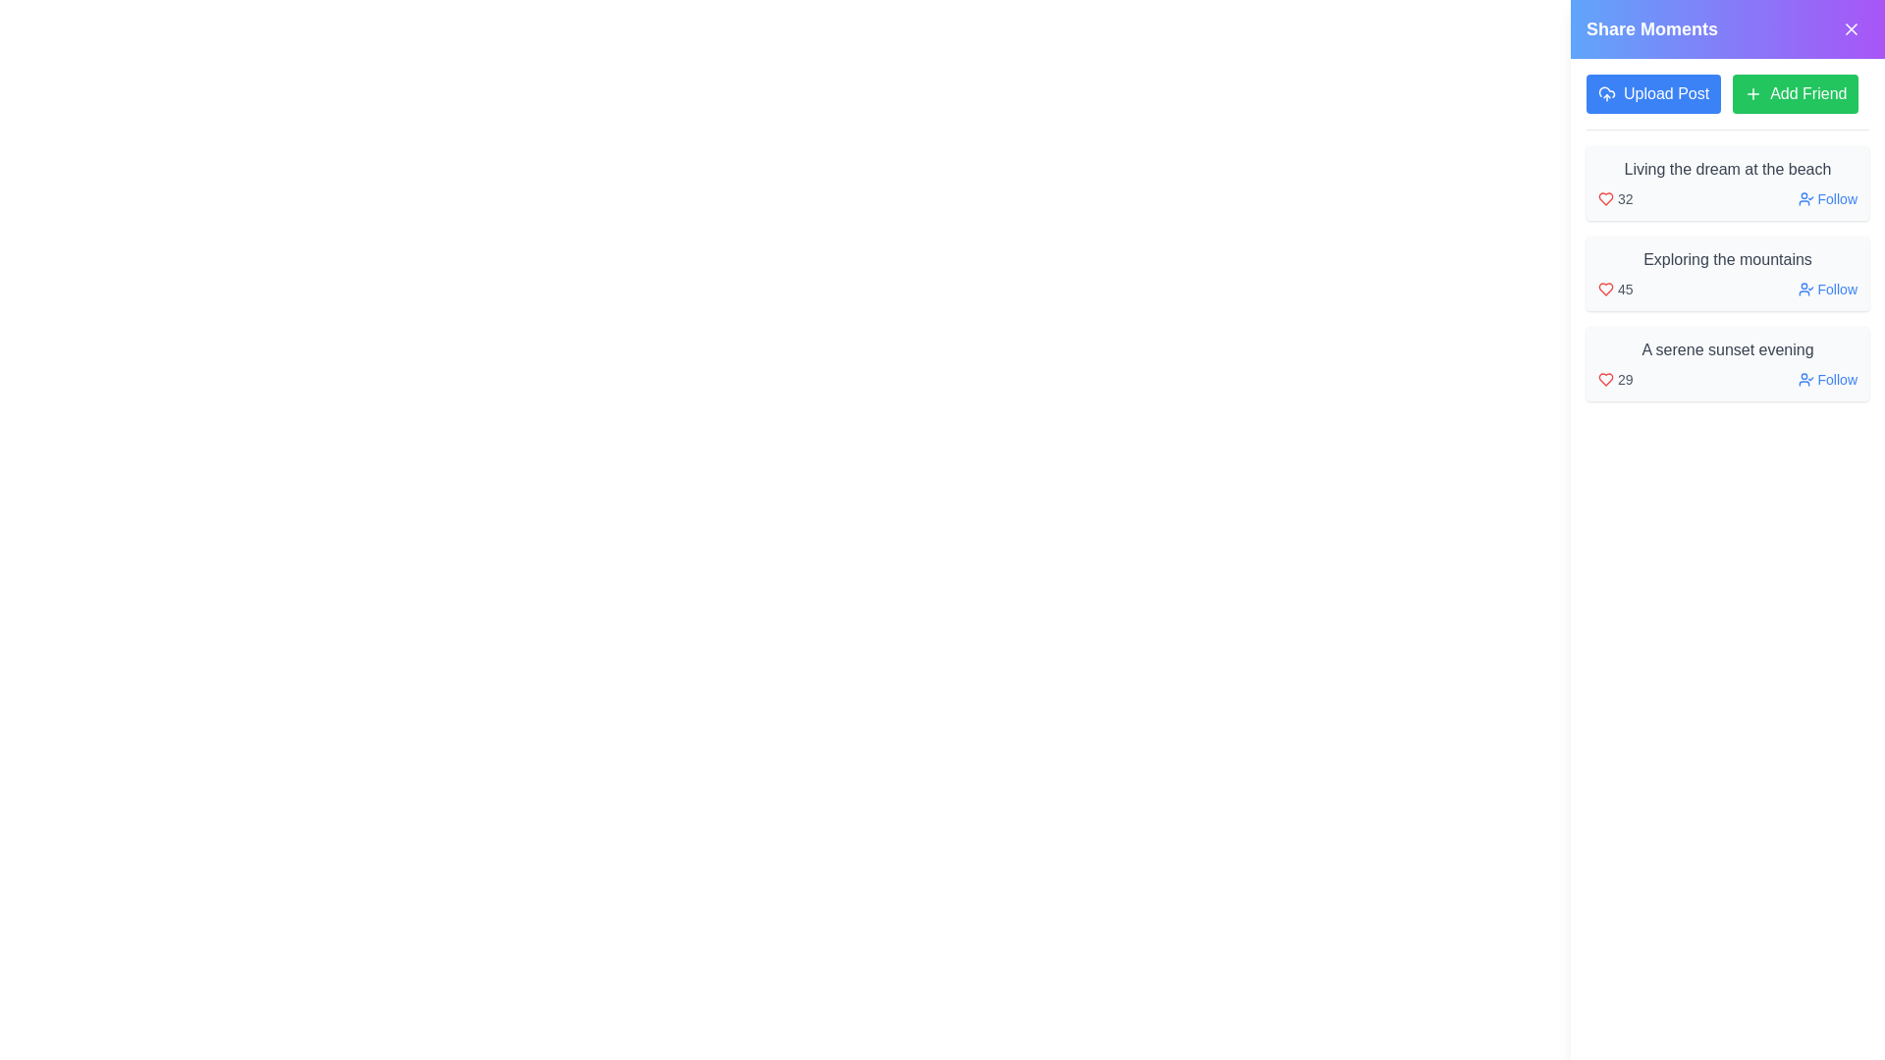 The width and height of the screenshot is (1885, 1060). I want to click on the blue 'Upload Post' button located at the top right of the interface to initiate uploading a post, so click(1652, 94).